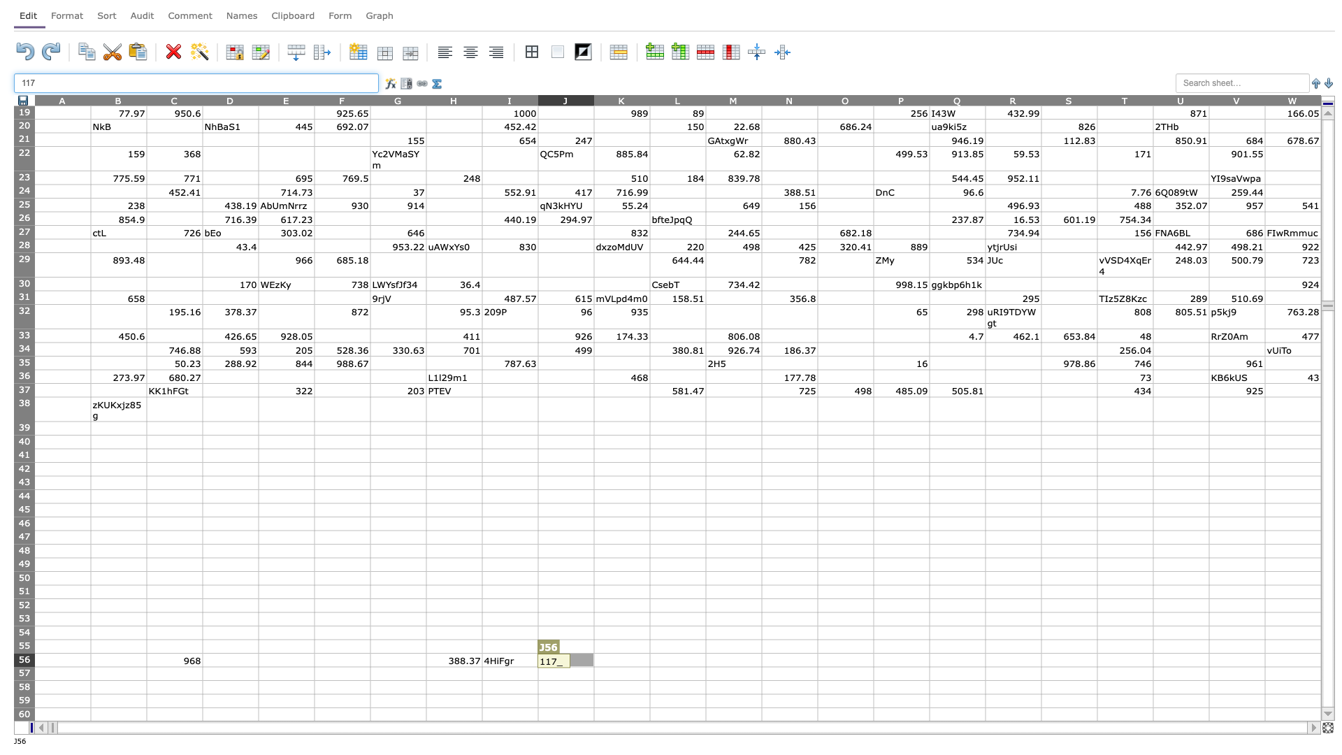 Image resolution: width=1342 pixels, height=755 pixels. Describe the element at coordinates (621, 660) in the screenshot. I see `K56` at that location.